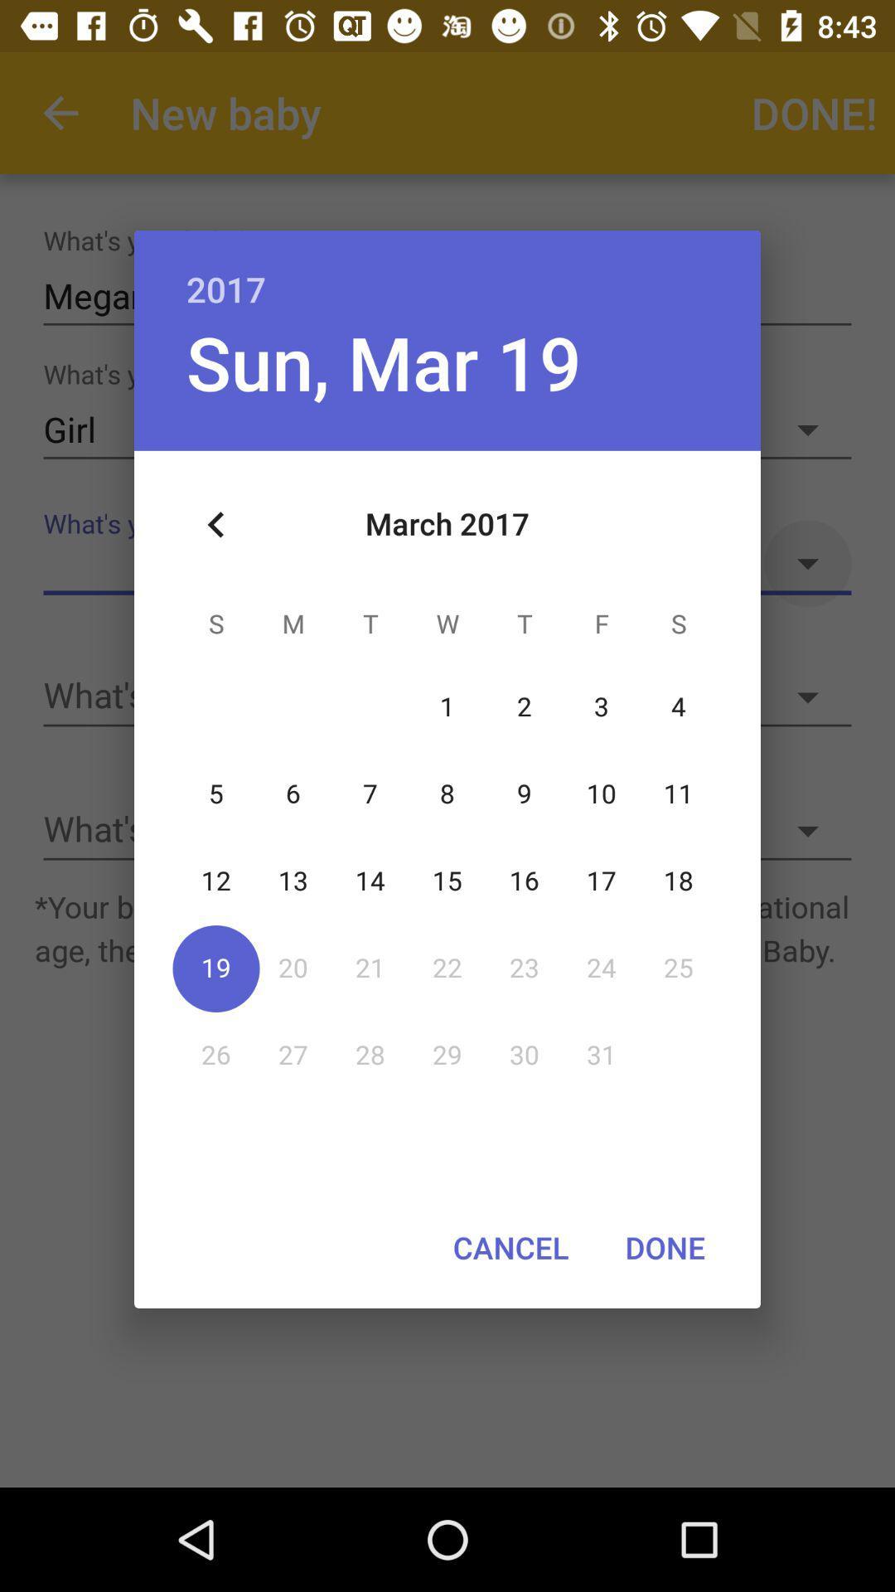 This screenshot has width=895, height=1592. Describe the element at coordinates (664, 1247) in the screenshot. I see `item to the right of the cancel icon` at that location.